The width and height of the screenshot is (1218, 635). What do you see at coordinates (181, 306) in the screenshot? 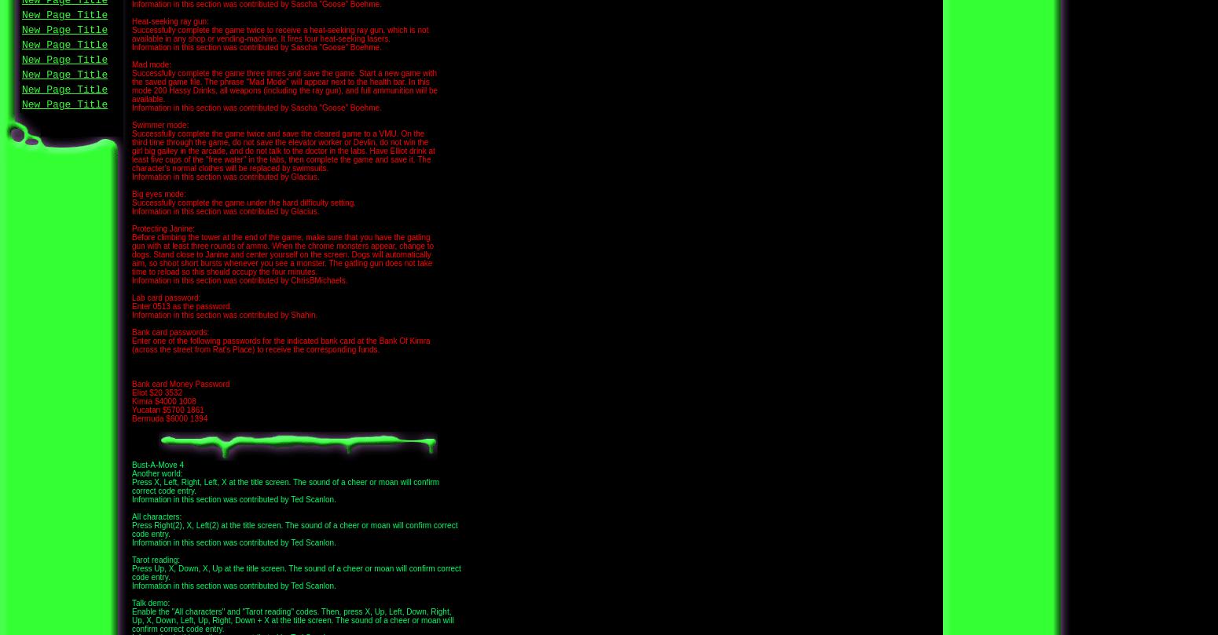
I see `'Enter 0513 as the password.'` at bounding box center [181, 306].